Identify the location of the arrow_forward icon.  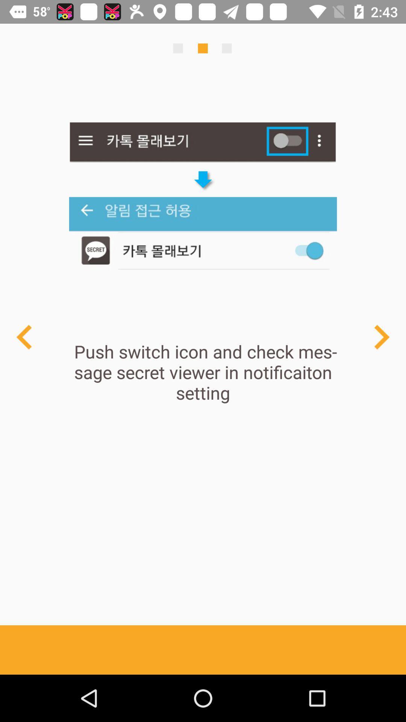
(381, 337).